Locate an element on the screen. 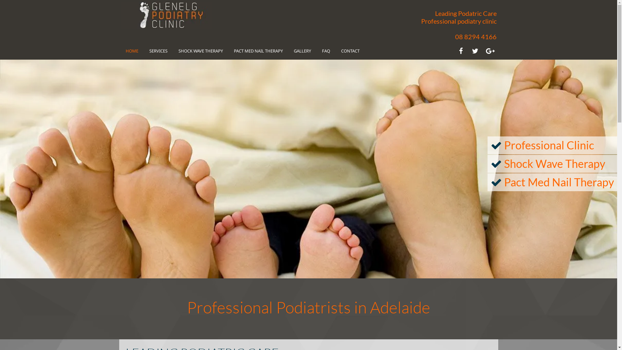 This screenshot has width=622, height=350. 'HOME' is located at coordinates (132, 50).